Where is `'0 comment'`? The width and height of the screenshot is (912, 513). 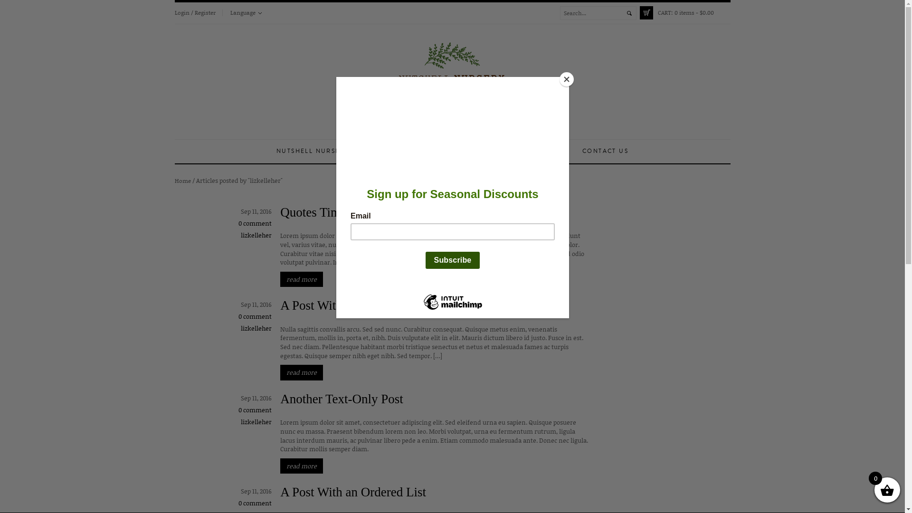 '0 comment' is located at coordinates (255, 503).